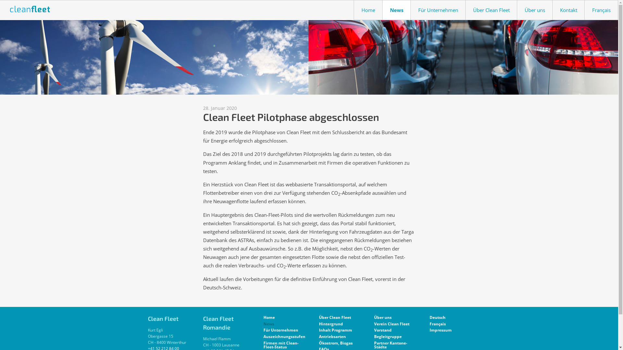 The width and height of the screenshot is (623, 350). I want to click on 'Vorstand', so click(392, 330).